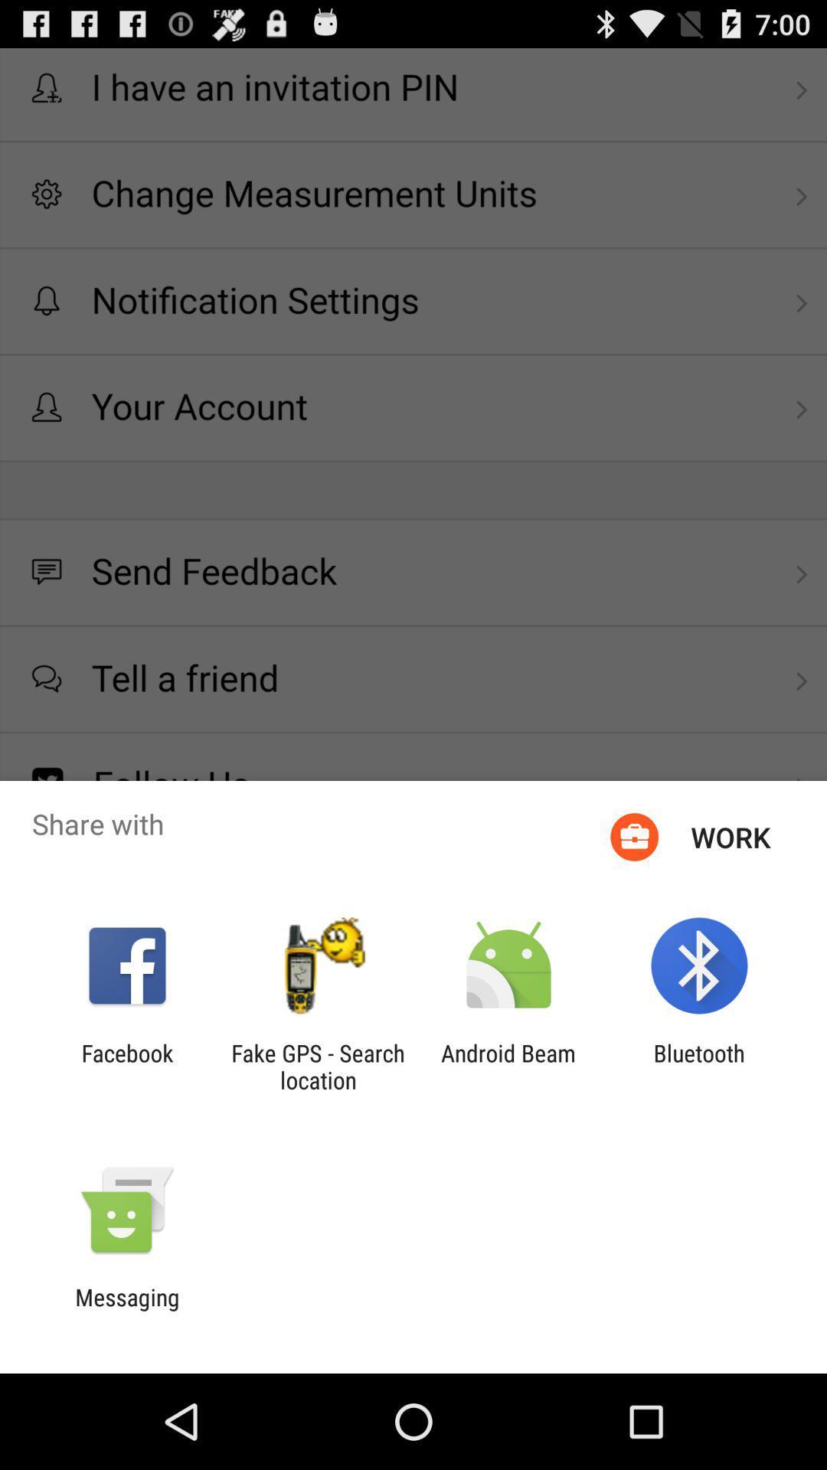 This screenshot has height=1470, width=827. I want to click on item to the right of fake gps search app, so click(508, 1066).